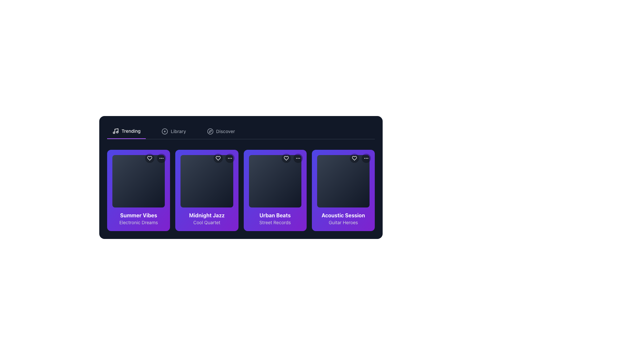 The height and width of the screenshot is (354, 629). Describe the element at coordinates (297, 158) in the screenshot. I see `the menu trigger button located at the top-right corner of the 'Urban Beats' card` at that location.